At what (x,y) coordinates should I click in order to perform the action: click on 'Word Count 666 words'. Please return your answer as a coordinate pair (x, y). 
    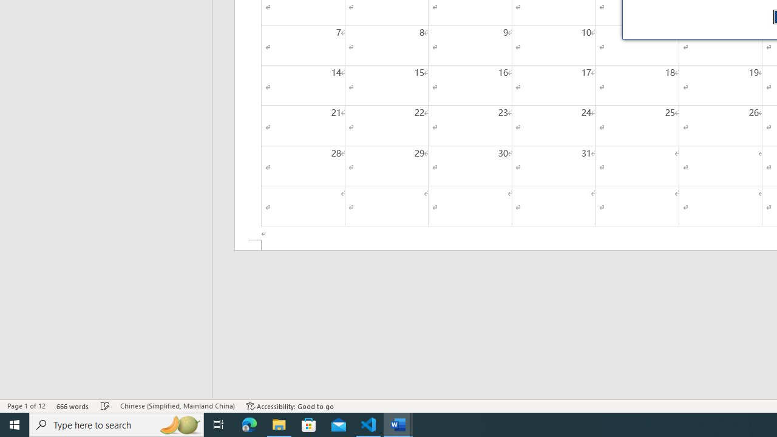
    Looking at the image, I should click on (72, 406).